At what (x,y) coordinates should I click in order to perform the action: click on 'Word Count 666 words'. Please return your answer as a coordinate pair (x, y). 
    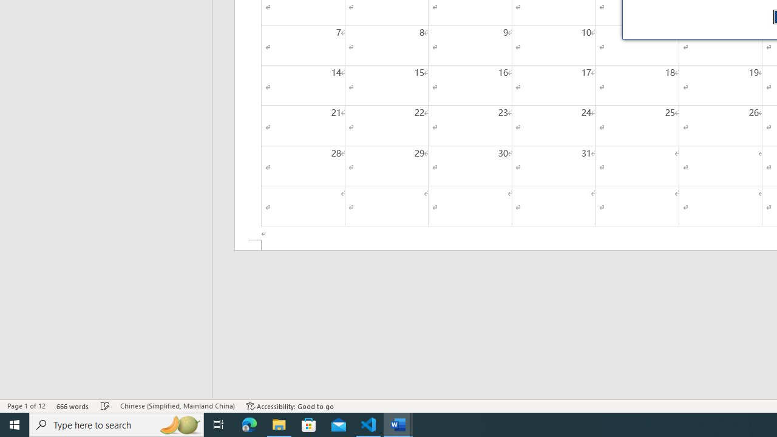
    Looking at the image, I should click on (72, 406).